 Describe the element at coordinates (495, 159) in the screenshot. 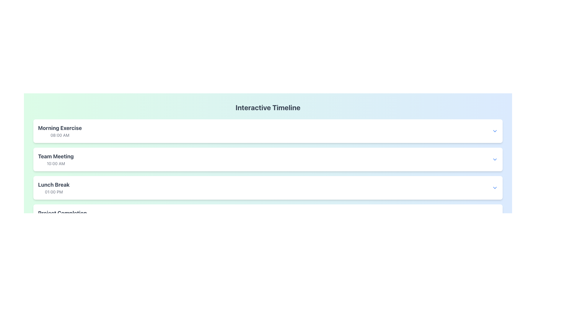

I see `the Dropdown icon located to the far-right of the 'Team Meeting' section` at that location.